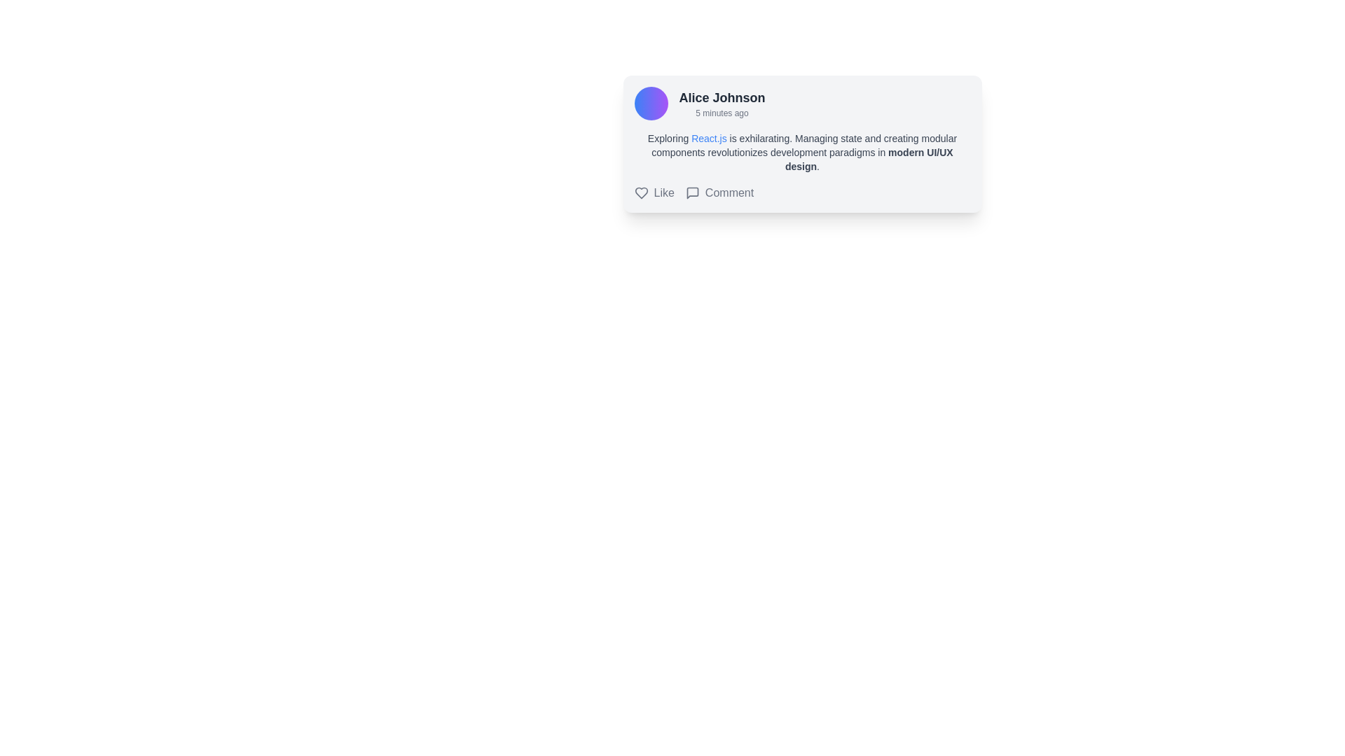 The image size is (1345, 756). What do you see at coordinates (640, 193) in the screenshot?
I see `the heart-shaped icon with a hollow design and dark gray outline, which is located to the left of the 'Like' text in the horizontal action bar below a user post` at bounding box center [640, 193].